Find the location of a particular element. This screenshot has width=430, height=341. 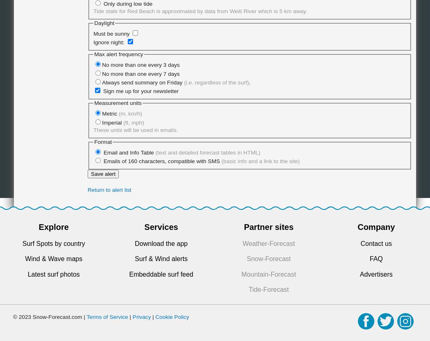

'Daylight' is located at coordinates (104, 22).